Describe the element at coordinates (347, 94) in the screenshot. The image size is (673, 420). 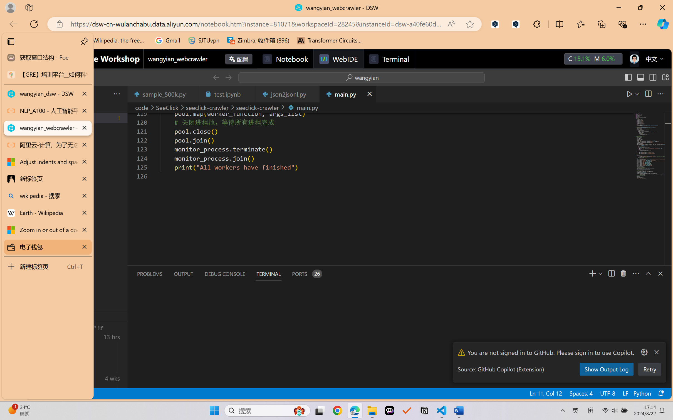
I see `'main.py'` at that location.